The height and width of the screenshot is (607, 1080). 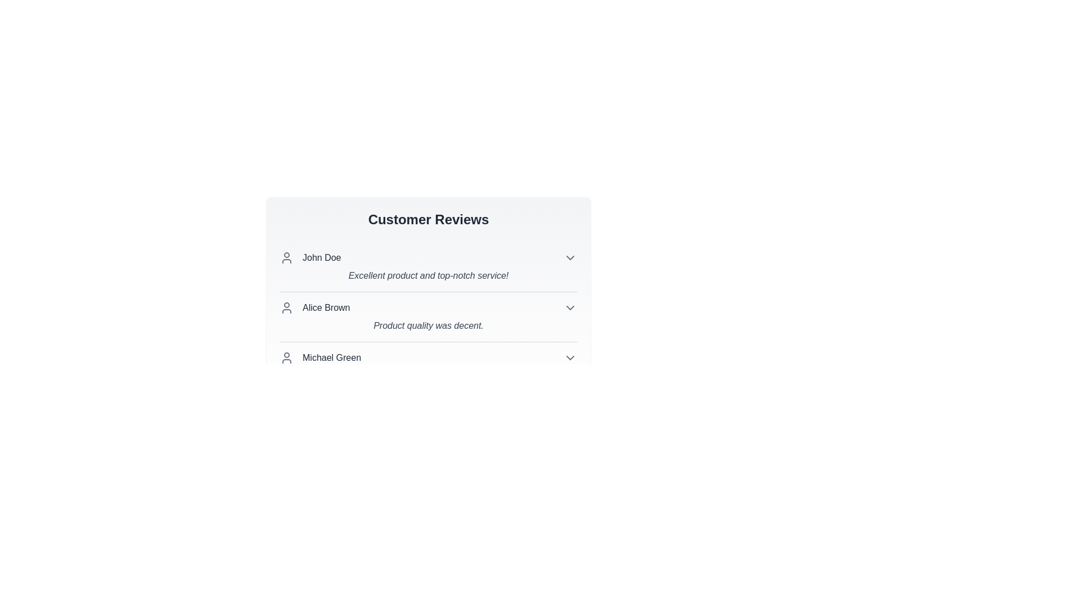 I want to click on the chevron icon to expand or collapse the review details for Alice Brown, so click(x=570, y=307).